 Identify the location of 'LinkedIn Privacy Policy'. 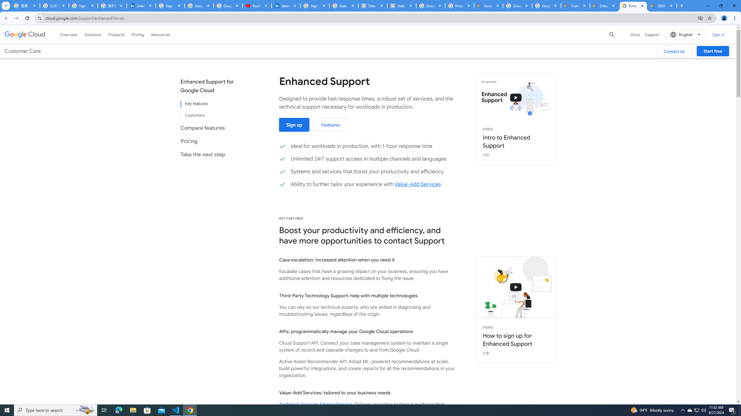
(141, 5).